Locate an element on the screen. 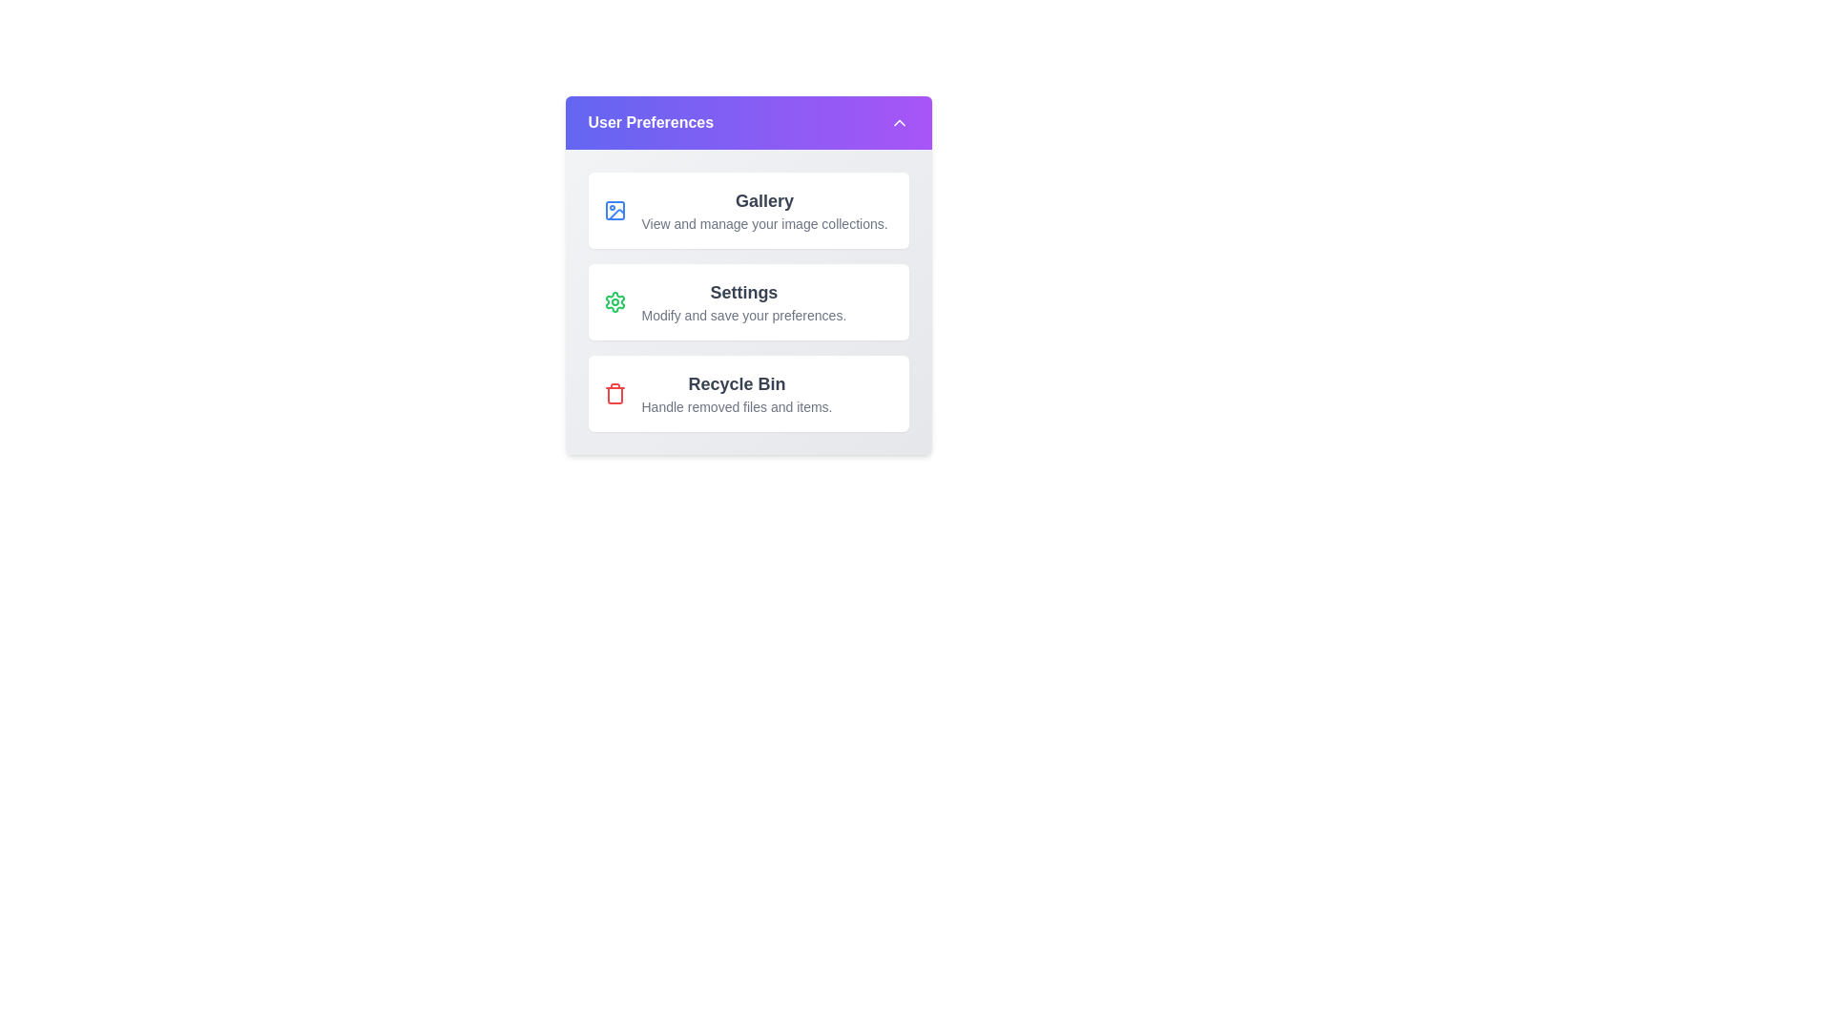 The width and height of the screenshot is (1832, 1030). the preference item 'Settings' is located at coordinates (747, 300).